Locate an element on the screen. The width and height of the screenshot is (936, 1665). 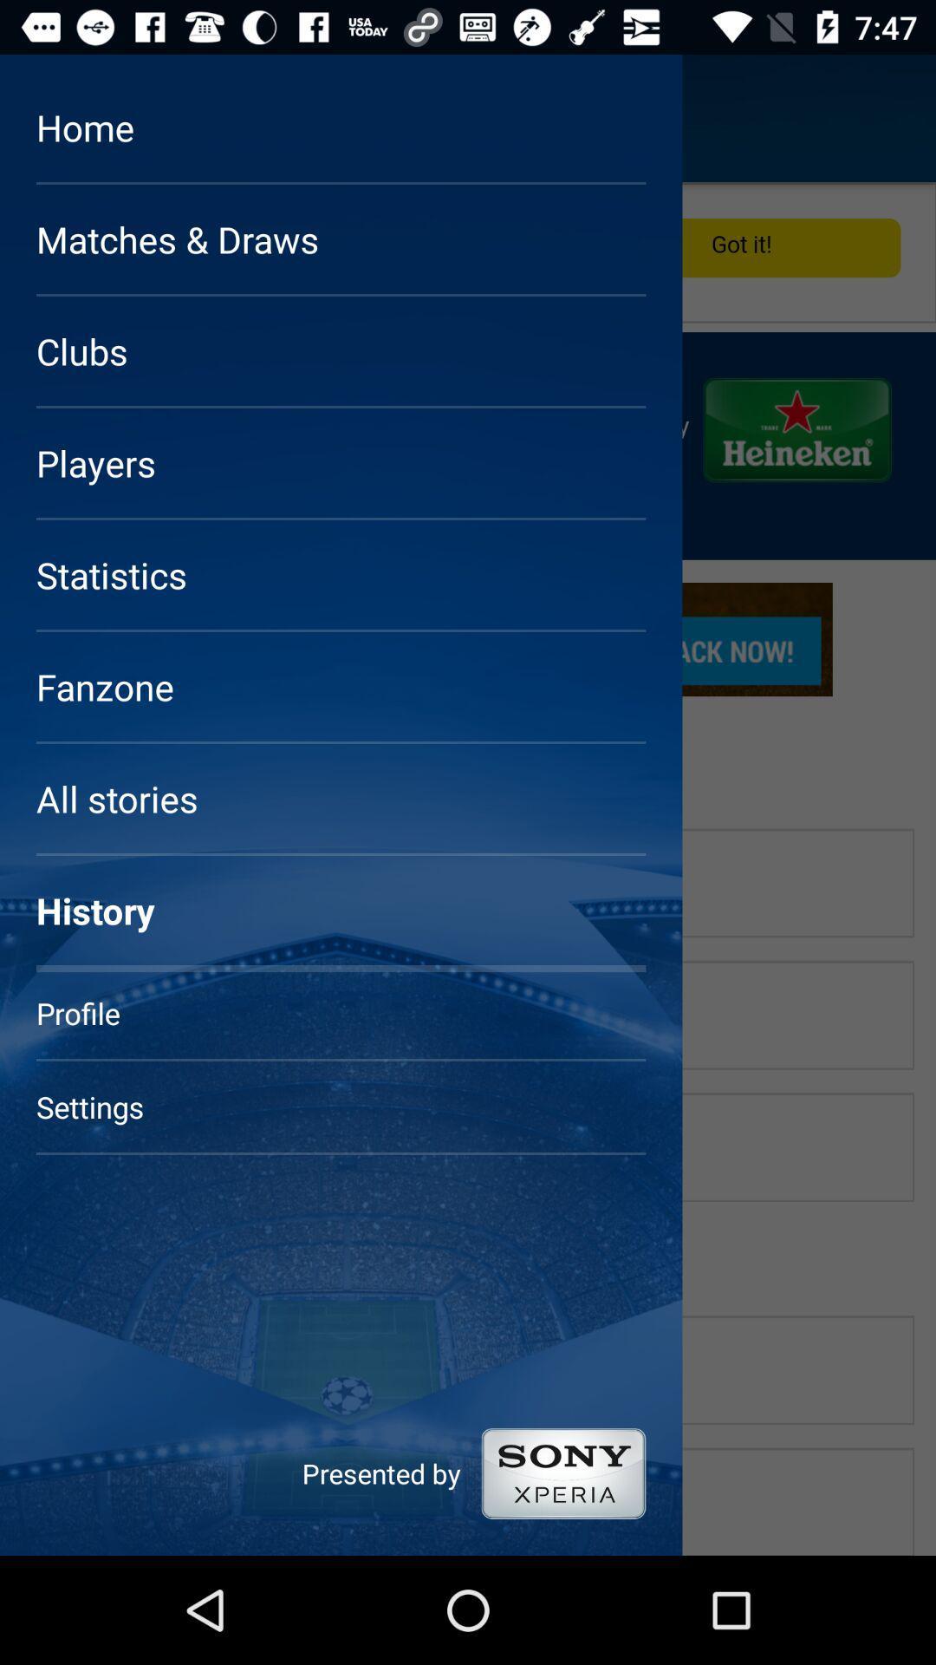
advertisement is located at coordinates (468, 869).